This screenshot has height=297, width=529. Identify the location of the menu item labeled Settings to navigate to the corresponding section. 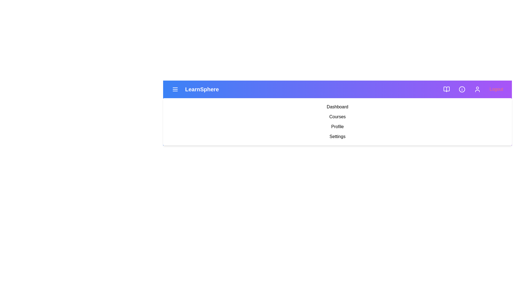
(337, 136).